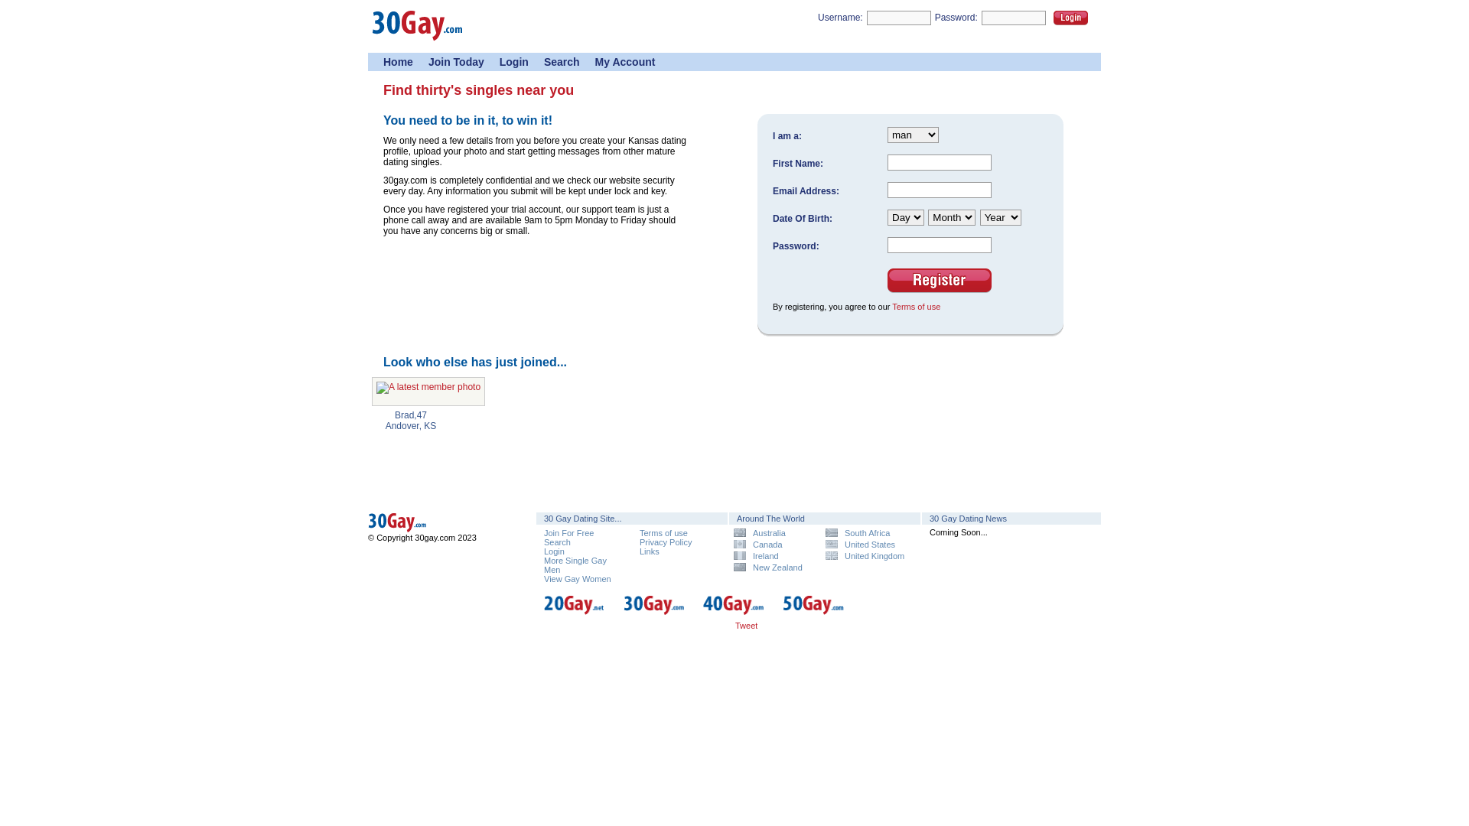 The image size is (1469, 826). Describe the element at coordinates (398, 61) in the screenshot. I see `'Home'` at that location.